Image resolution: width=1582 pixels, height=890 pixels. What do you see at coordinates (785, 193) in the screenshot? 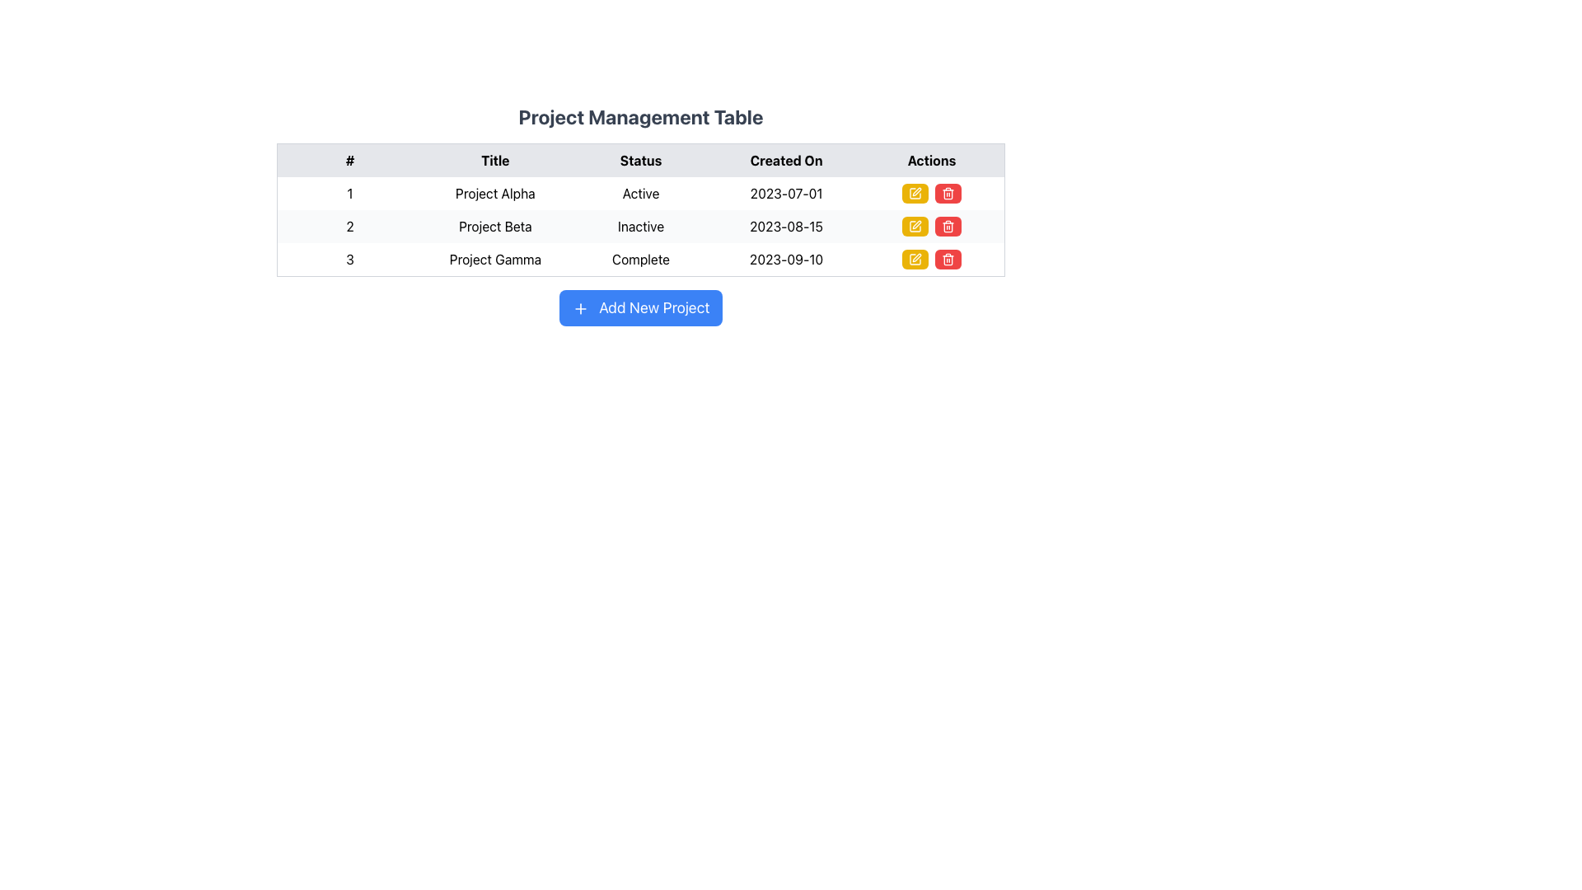
I see `the static text element displaying the date '2023-07-01' located under the 'Created On' column in the table row labeled 'Project Alpha'` at bounding box center [785, 193].